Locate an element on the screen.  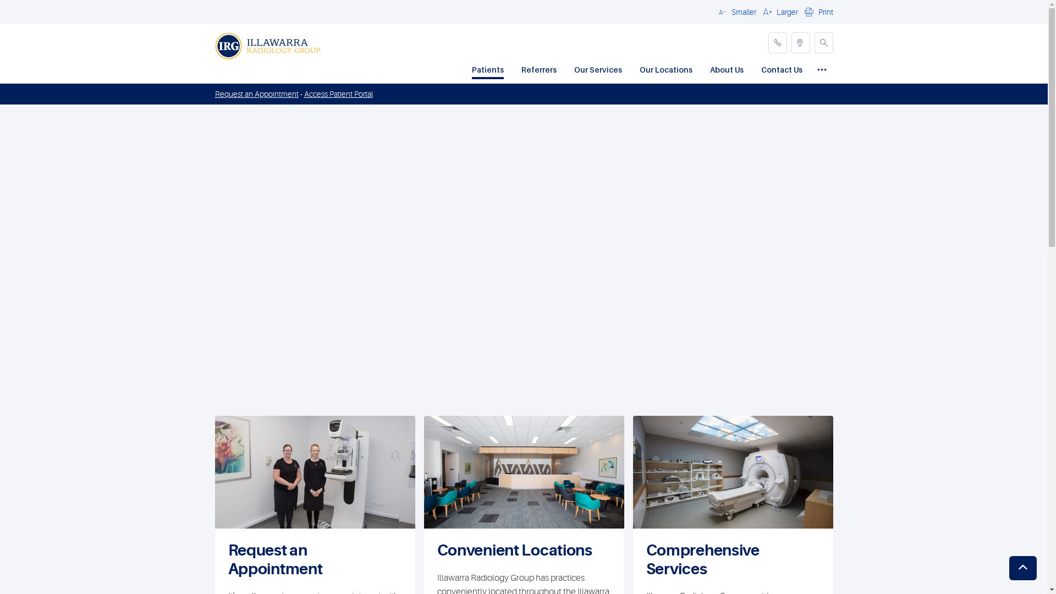
'Print' is located at coordinates (817, 11).